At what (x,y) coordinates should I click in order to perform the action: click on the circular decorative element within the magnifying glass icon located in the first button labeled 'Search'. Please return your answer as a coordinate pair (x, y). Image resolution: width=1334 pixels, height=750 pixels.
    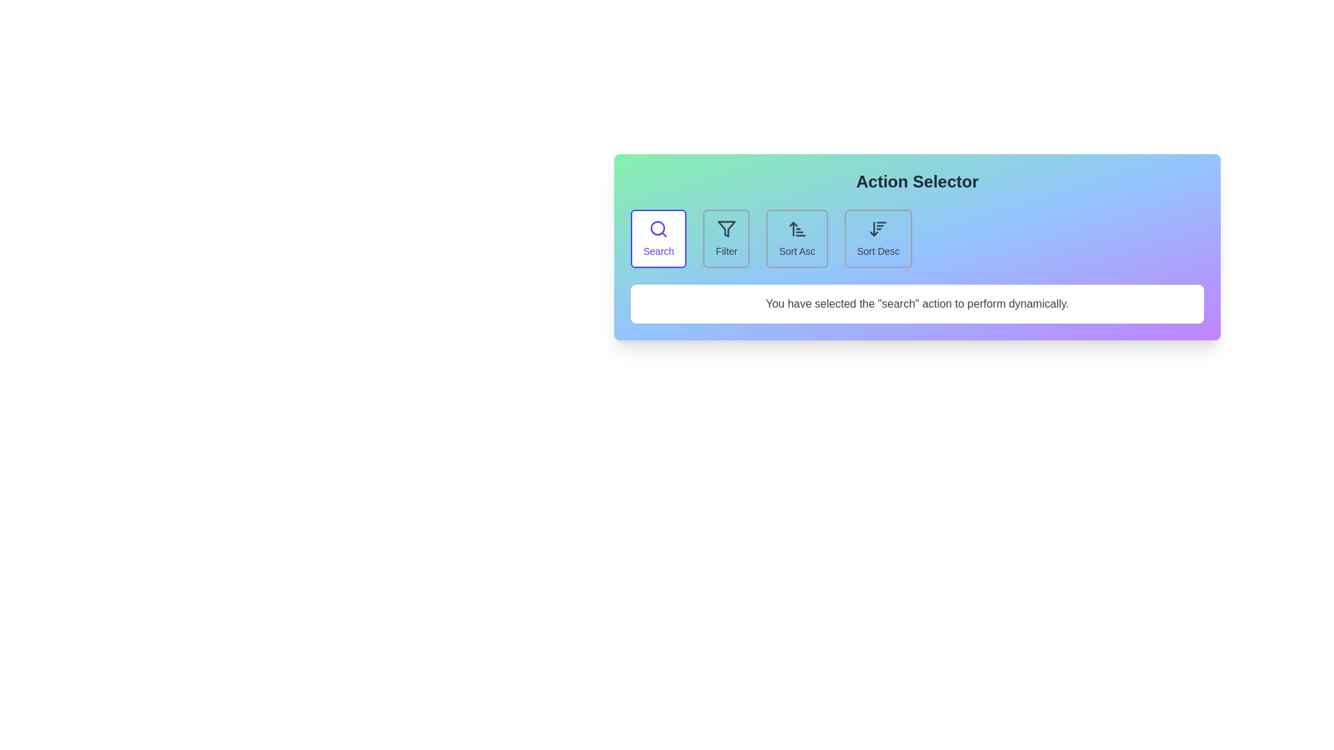
    Looking at the image, I should click on (657, 227).